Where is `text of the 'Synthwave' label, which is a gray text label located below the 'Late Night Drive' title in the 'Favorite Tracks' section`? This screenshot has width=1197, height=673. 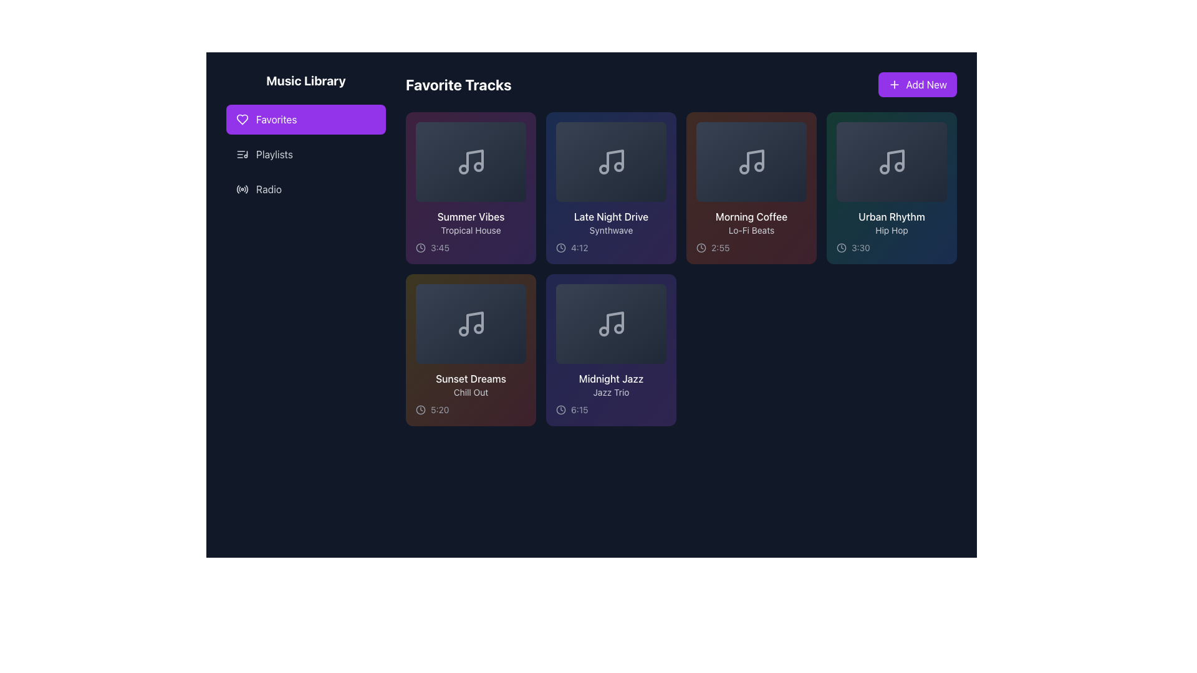
text of the 'Synthwave' label, which is a gray text label located below the 'Late Night Drive' title in the 'Favorite Tracks' section is located at coordinates (611, 231).